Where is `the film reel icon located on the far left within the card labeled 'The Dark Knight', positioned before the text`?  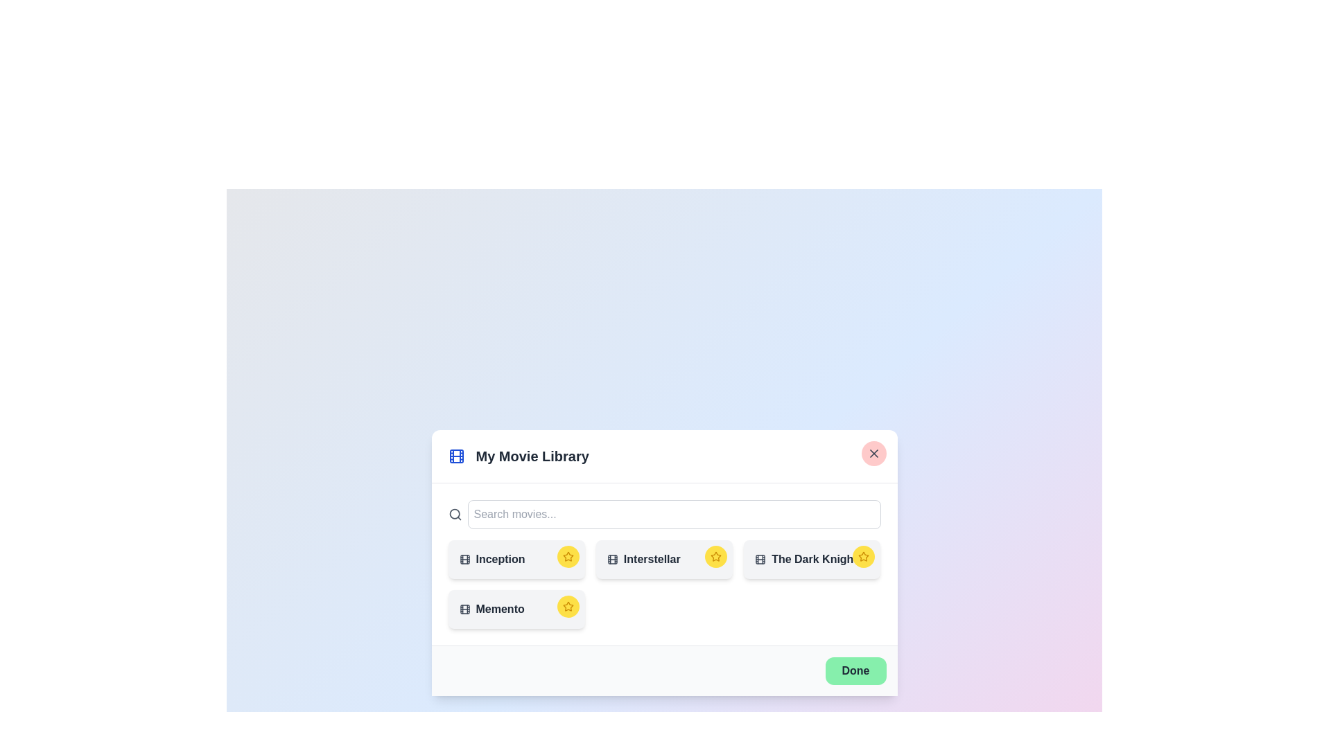 the film reel icon located on the far left within the card labeled 'The Dark Knight', positioned before the text is located at coordinates (760, 558).